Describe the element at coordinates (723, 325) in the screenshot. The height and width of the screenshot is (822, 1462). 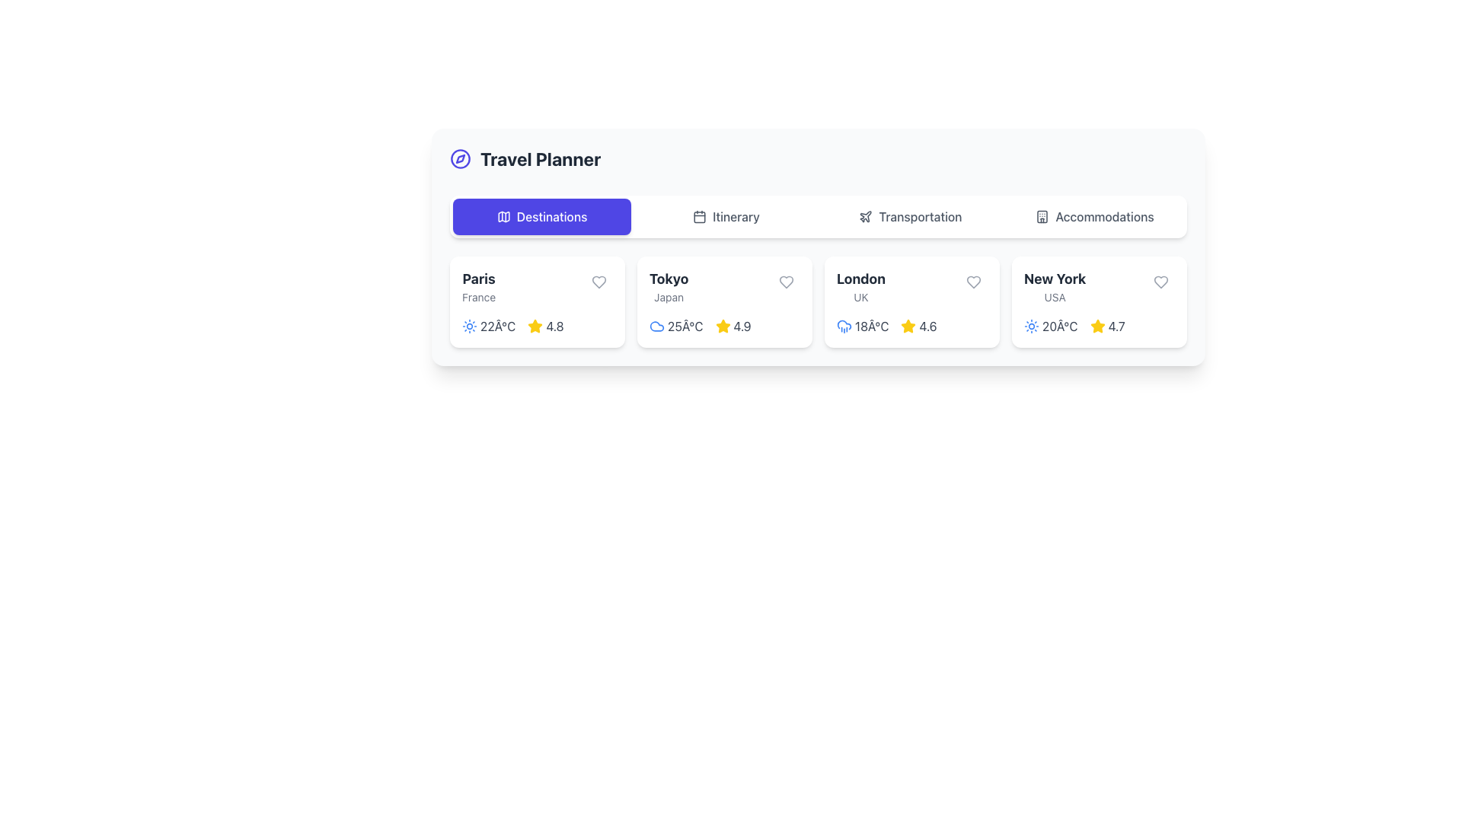
I see `temperature '25°C' and rating '4.9' information from the Weather and rating display located at the bottom of the 'Tokyo, Japan' card` at that location.